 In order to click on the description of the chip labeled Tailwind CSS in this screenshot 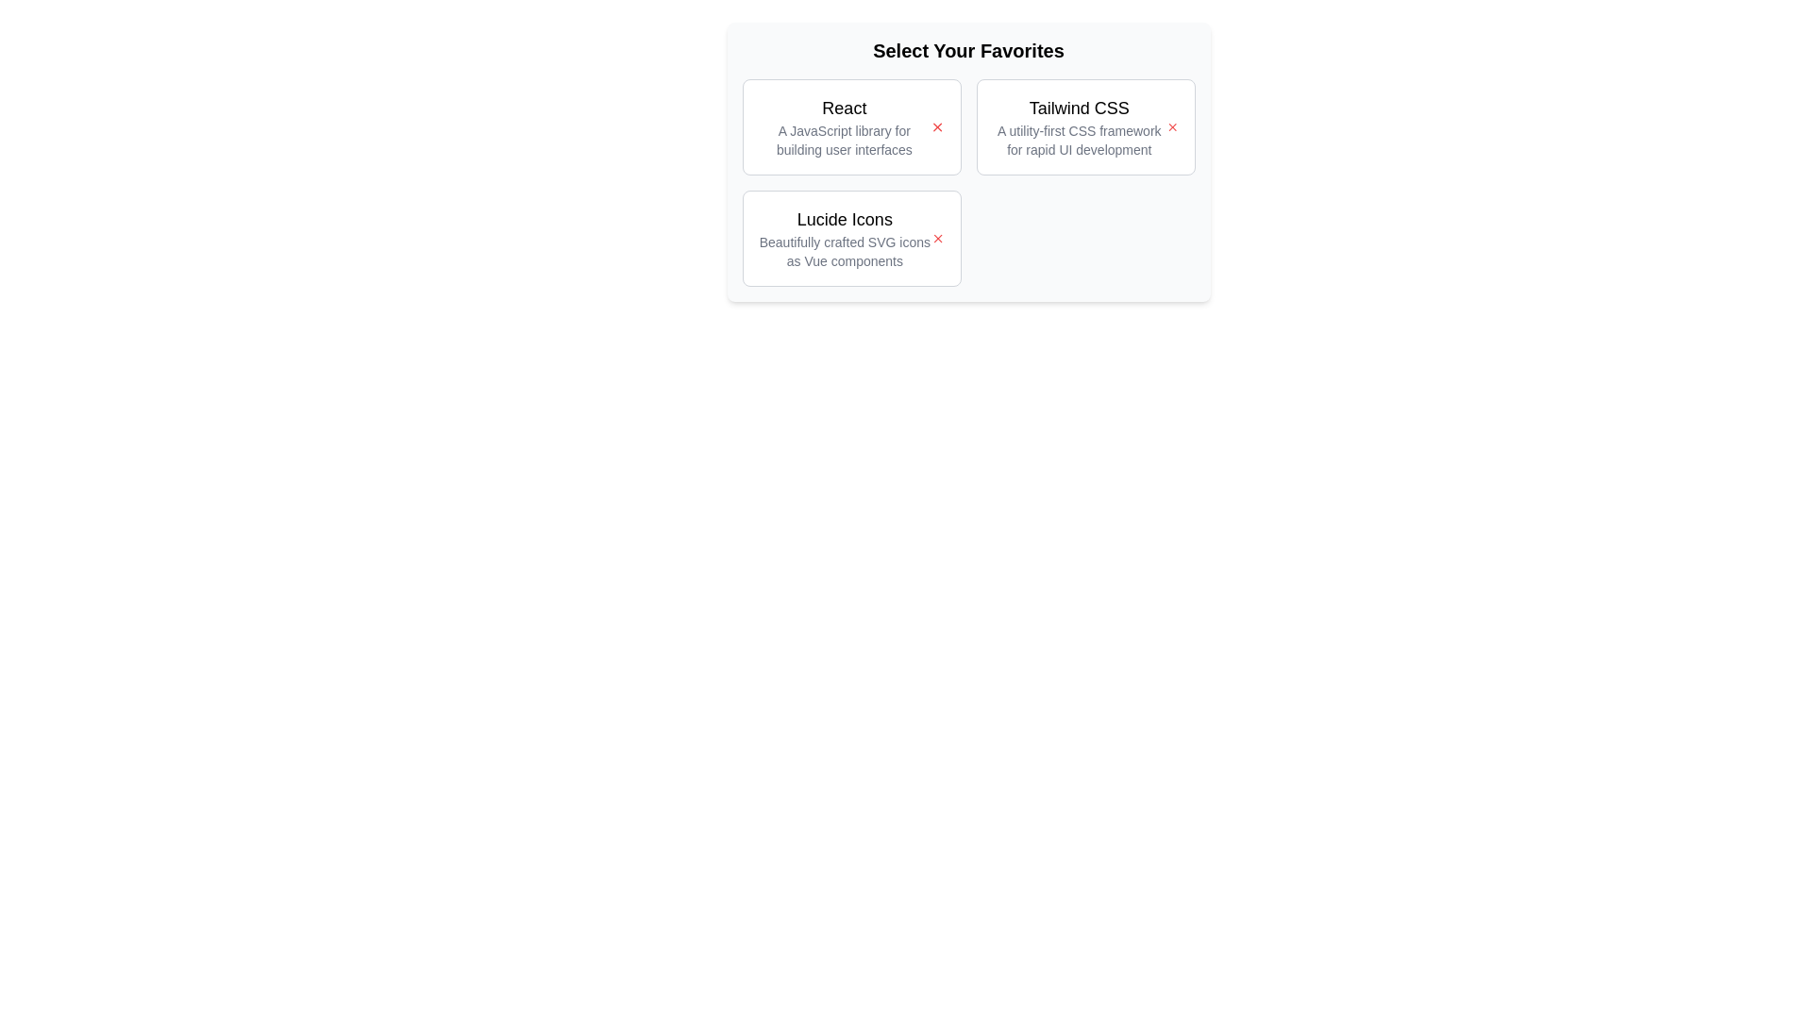, I will do `click(1079, 127)`.